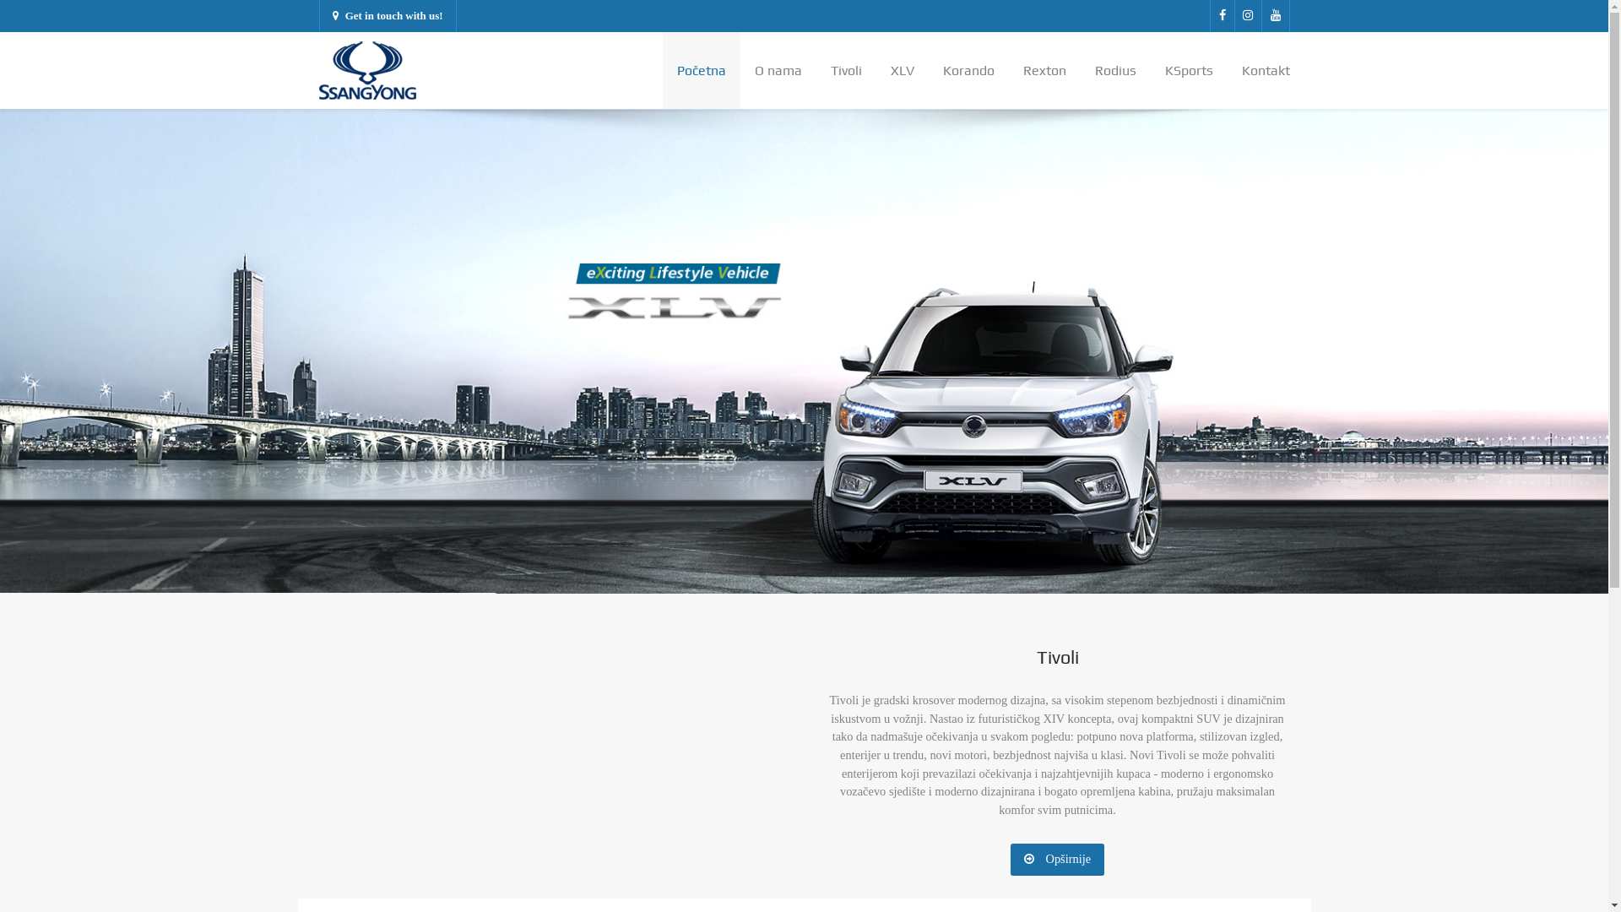 The height and width of the screenshot is (912, 1621). I want to click on 'Korando', so click(968, 69).